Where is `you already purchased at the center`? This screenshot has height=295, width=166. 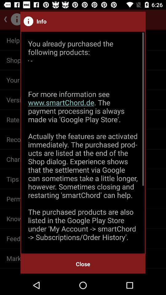 you already purchased at the center is located at coordinates (83, 143).